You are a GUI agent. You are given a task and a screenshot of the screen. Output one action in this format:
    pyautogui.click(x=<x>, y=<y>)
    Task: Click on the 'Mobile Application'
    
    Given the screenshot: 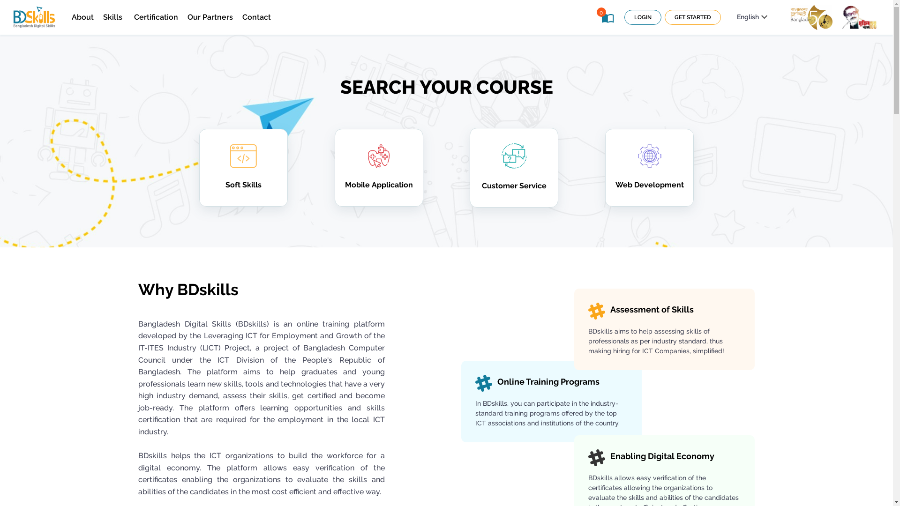 What is the action you would take?
    pyautogui.click(x=379, y=167)
    